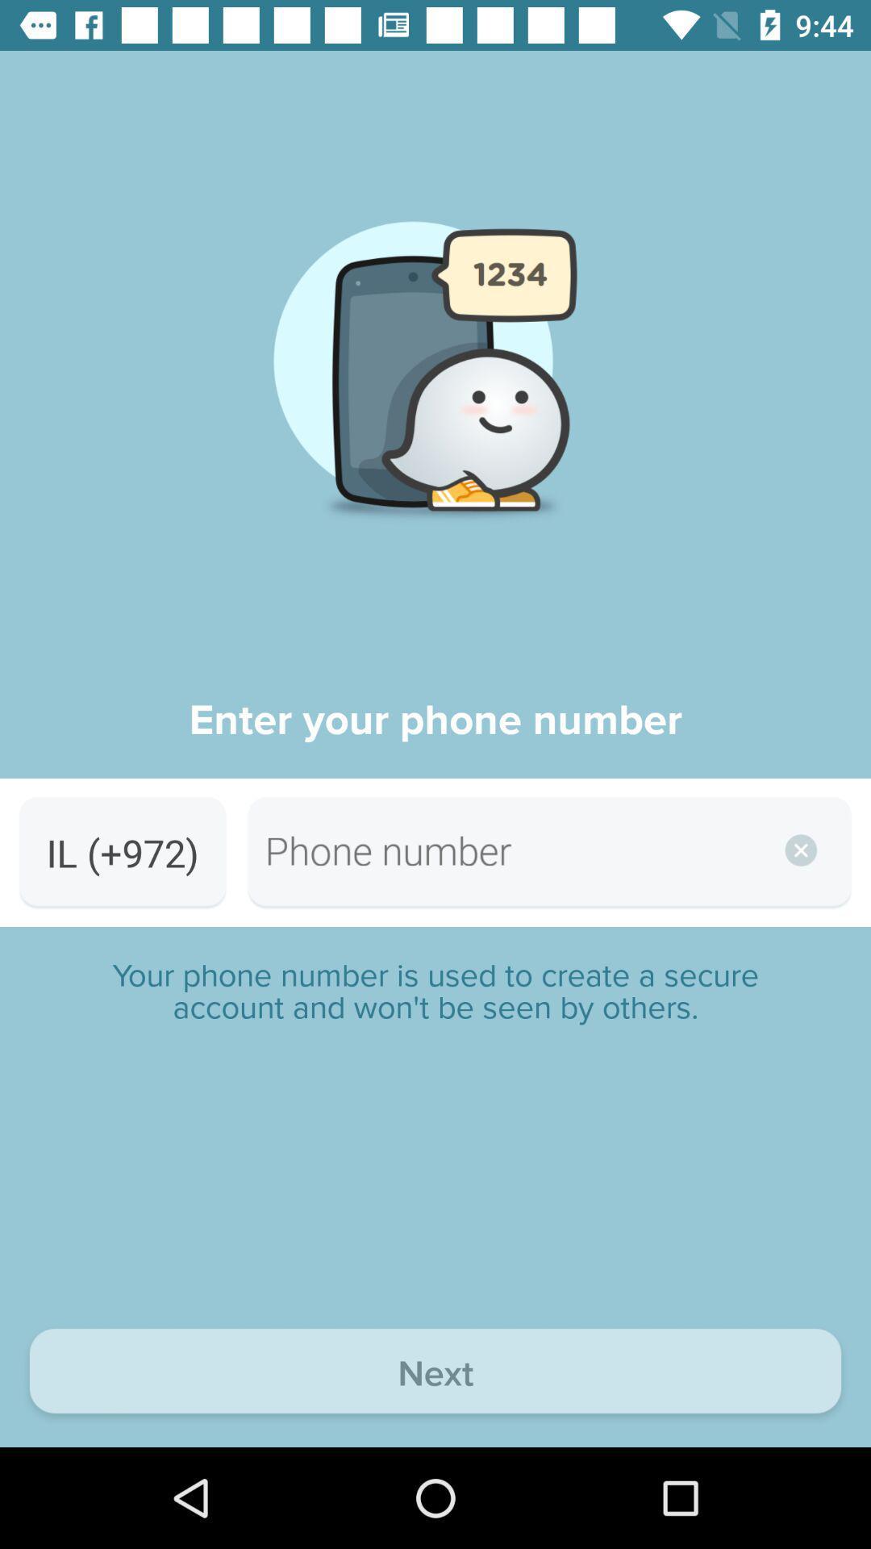 The height and width of the screenshot is (1549, 871). I want to click on next, so click(435, 1374).